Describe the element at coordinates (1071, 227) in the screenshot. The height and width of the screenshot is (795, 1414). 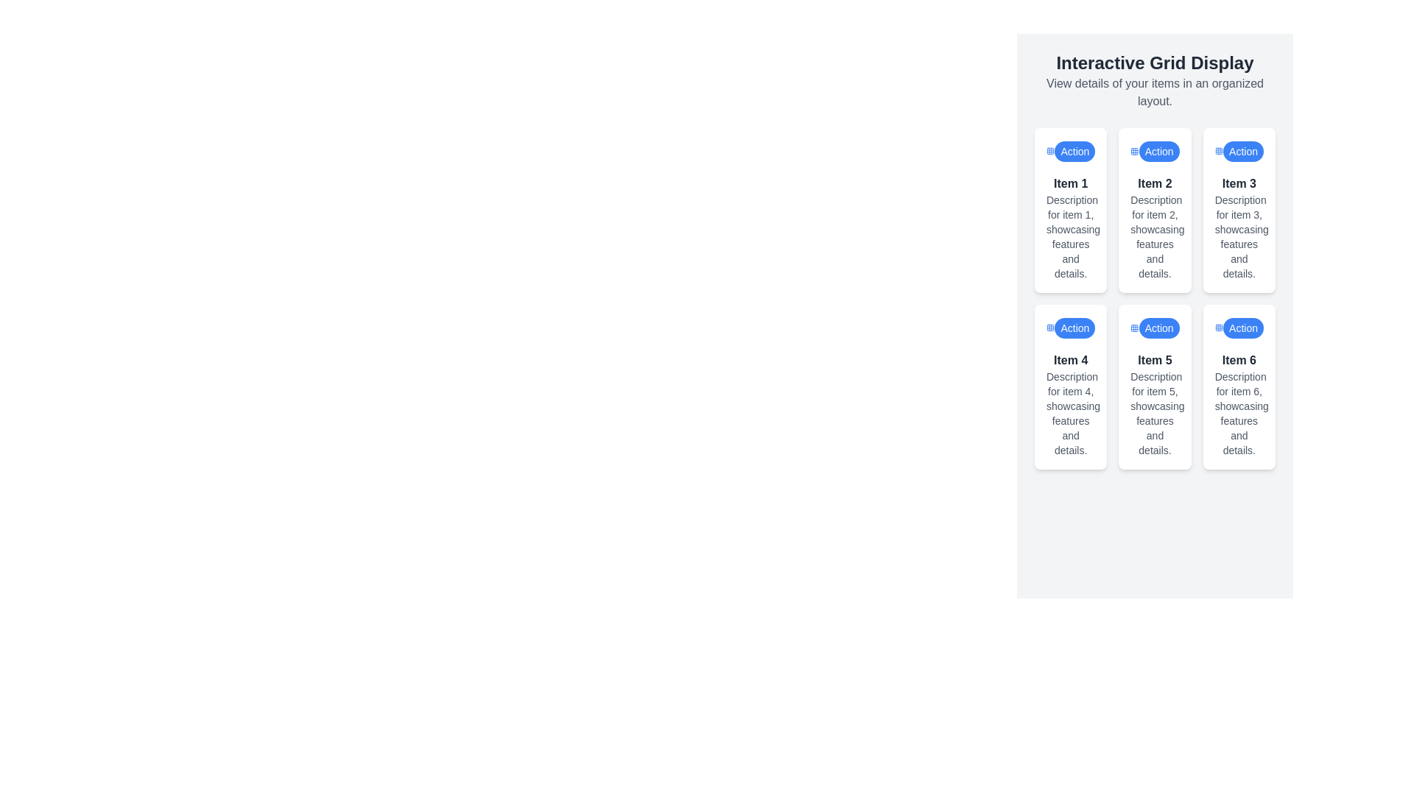
I see `text displayed in the TextBlock located in the first column of the grid layout, positioned below the 'Action' button and above other similar card entries` at that location.